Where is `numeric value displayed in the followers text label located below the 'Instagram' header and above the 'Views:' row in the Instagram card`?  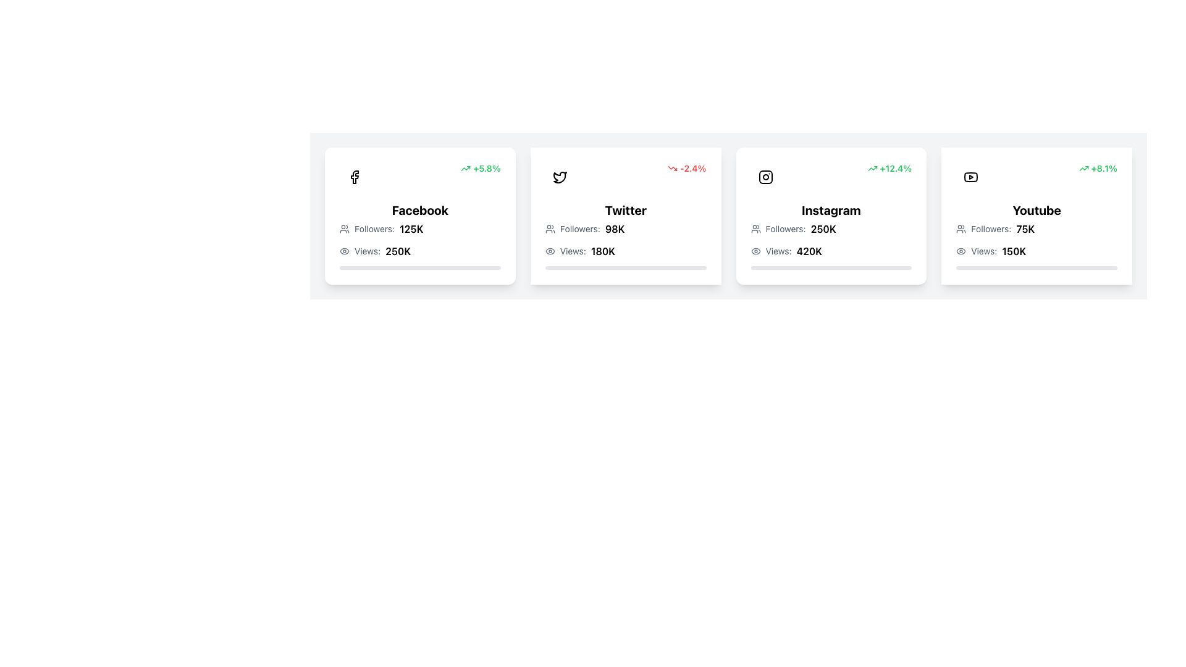 numeric value displayed in the followers text label located below the 'Instagram' header and above the 'Views:' row in the Instagram card is located at coordinates (823, 229).